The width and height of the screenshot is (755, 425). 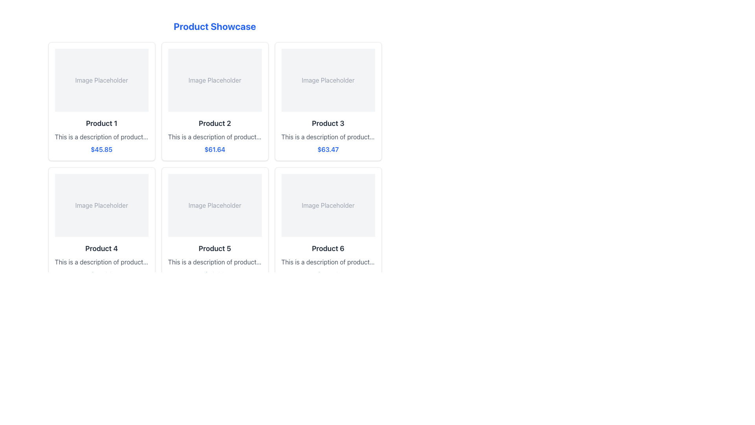 I want to click on the gray rectangular placeholder labeled 'Image Placeholder' at the top of the card for 'Product 3', so click(x=328, y=80).